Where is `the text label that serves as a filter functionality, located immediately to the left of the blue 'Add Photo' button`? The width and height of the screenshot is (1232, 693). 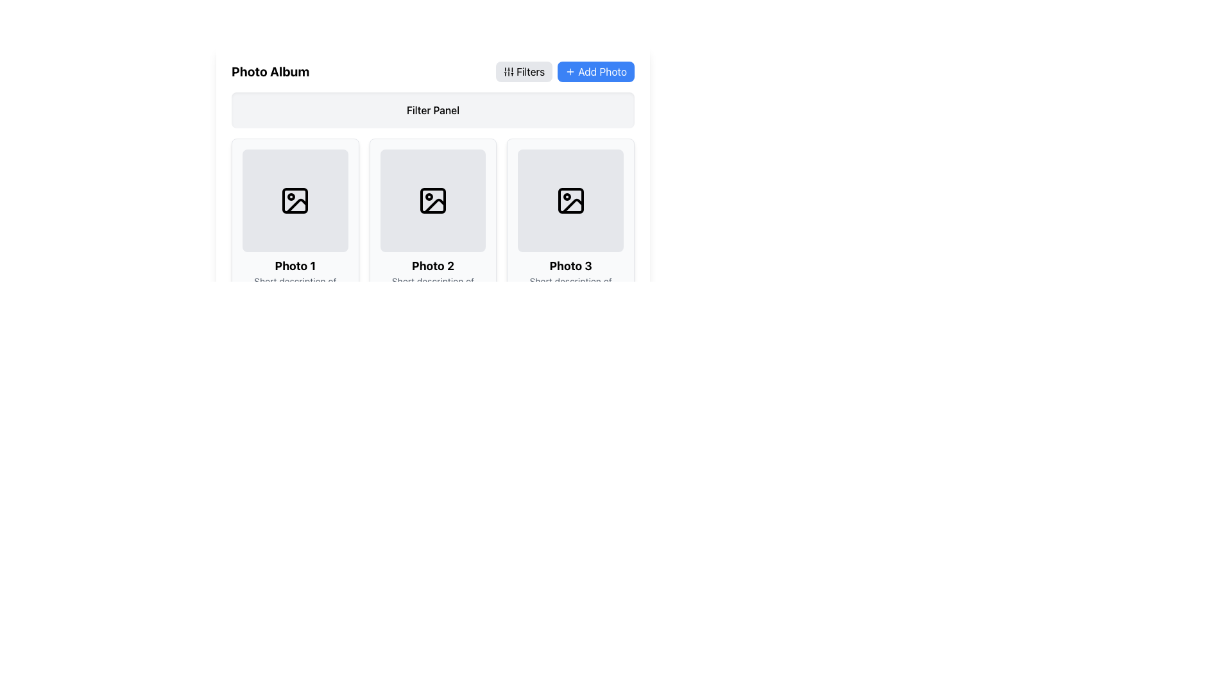
the text label that serves as a filter functionality, located immediately to the left of the blue 'Add Photo' button is located at coordinates (531, 71).